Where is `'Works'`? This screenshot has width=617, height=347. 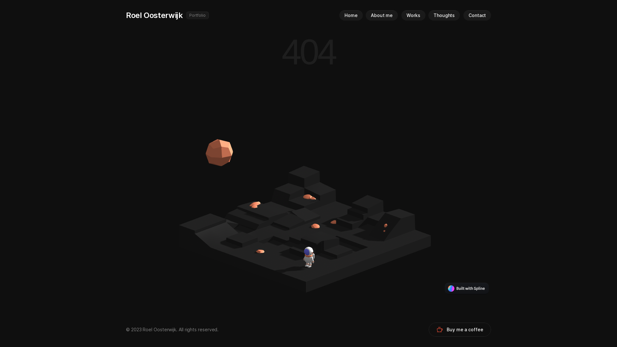
'Works' is located at coordinates (413, 15).